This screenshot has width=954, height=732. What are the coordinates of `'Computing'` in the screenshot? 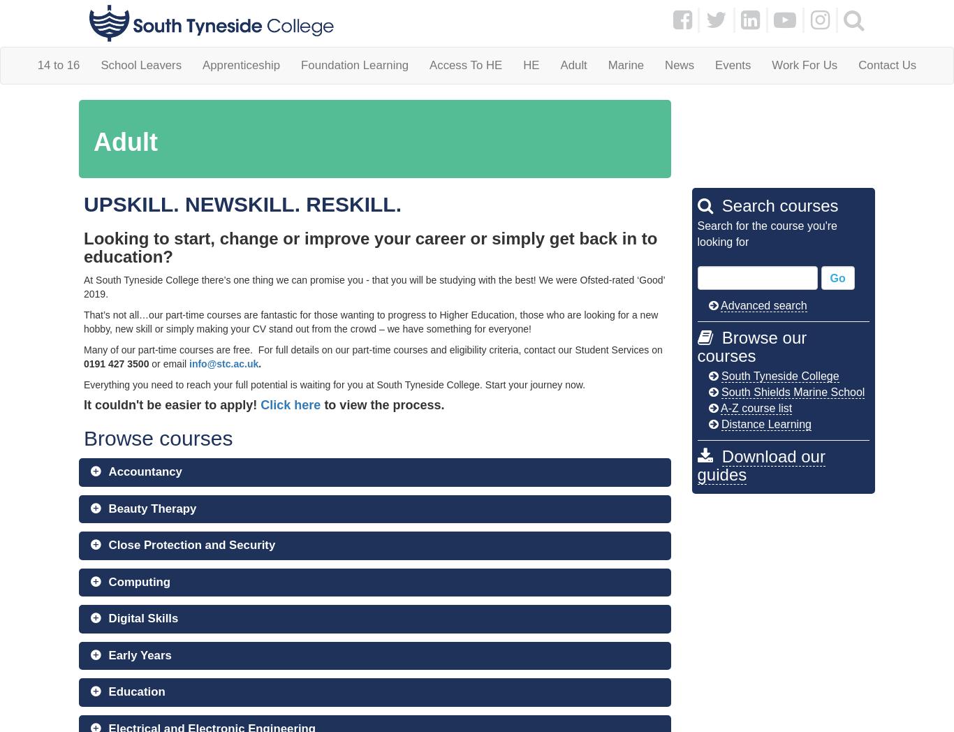 It's located at (108, 581).